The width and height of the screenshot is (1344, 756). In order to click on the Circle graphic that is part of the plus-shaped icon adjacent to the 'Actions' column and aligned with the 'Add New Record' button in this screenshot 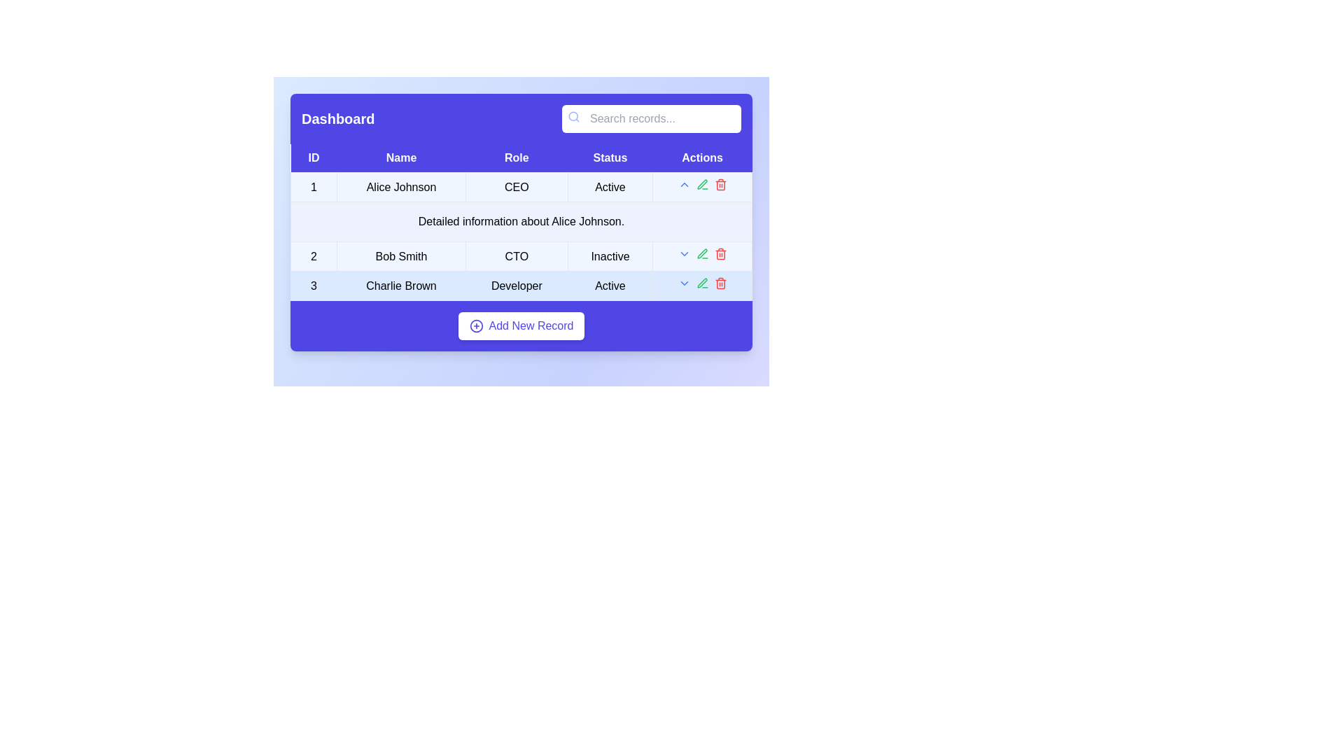, I will do `click(476, 326)`.